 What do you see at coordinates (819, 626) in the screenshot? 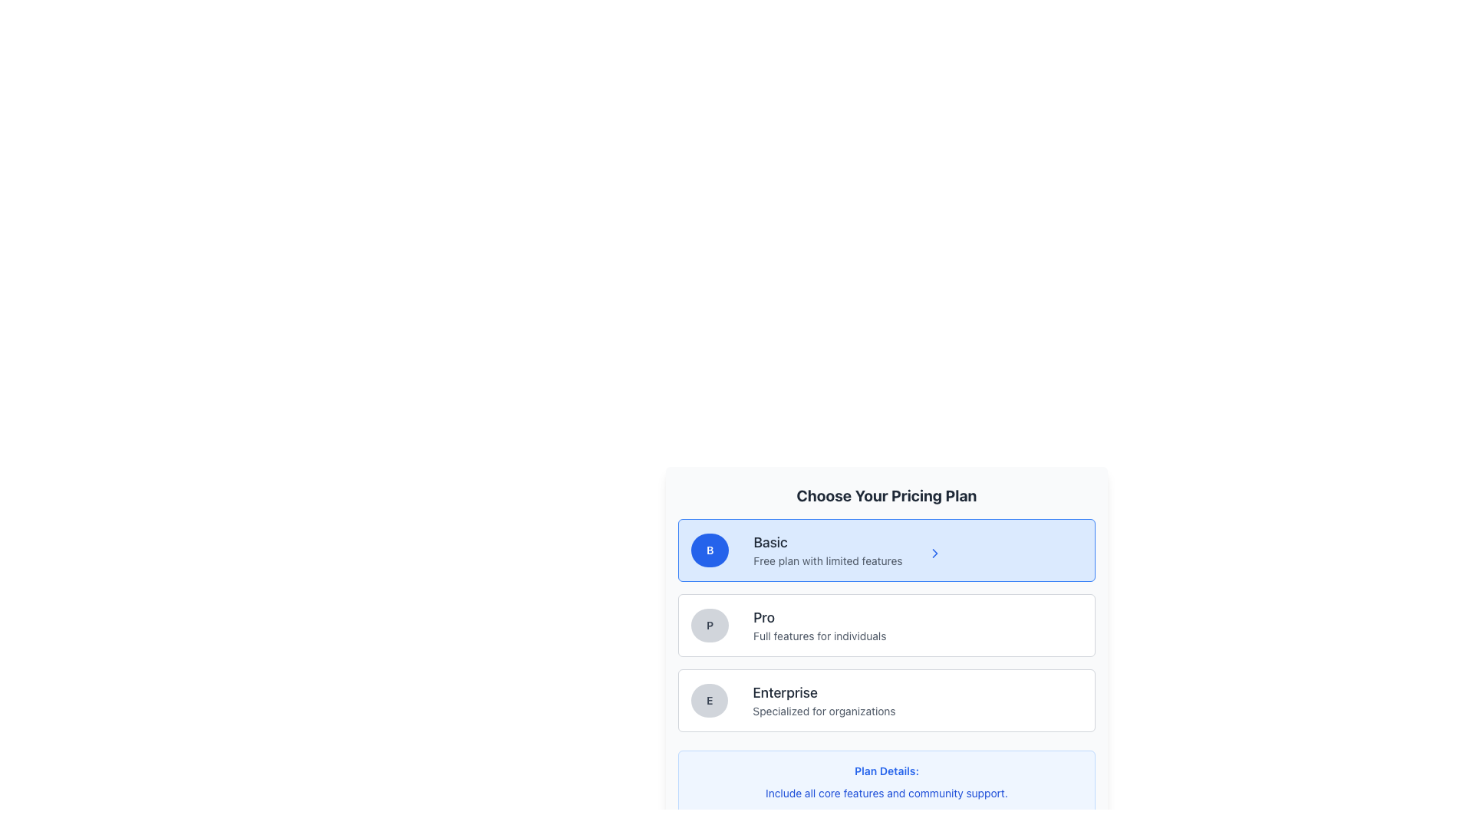
I see `outside the 'Pro Full features for individuals' text label to choose it implicitly` at bounding box center [819, 626].